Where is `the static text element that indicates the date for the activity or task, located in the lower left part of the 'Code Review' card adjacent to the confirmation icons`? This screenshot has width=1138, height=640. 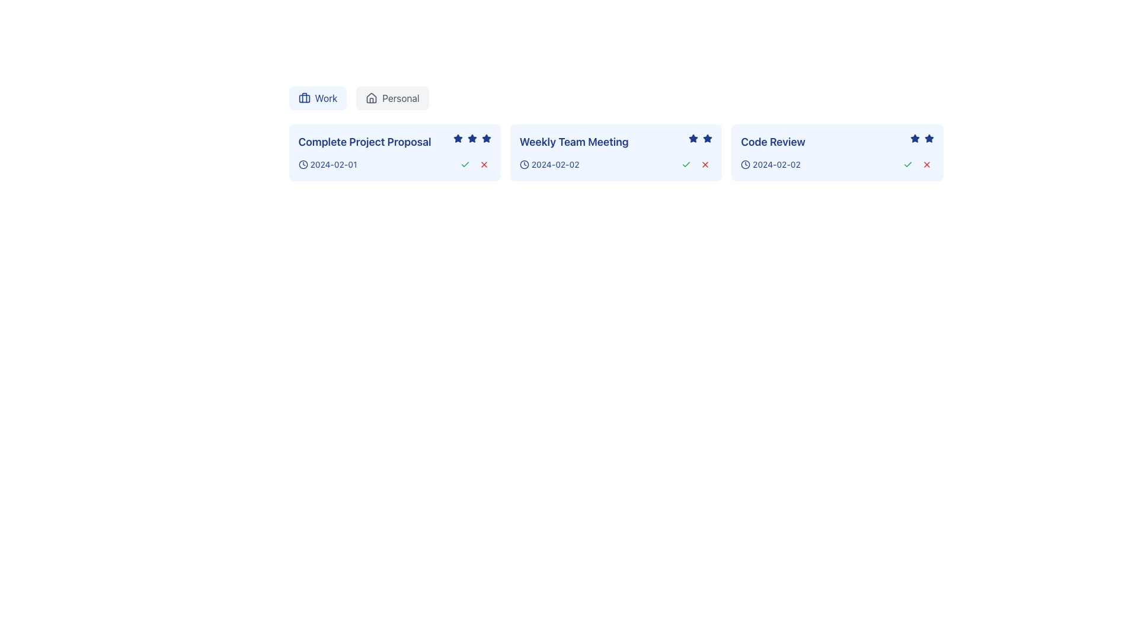
the static text element that indicates the date for the activity or task, located in the lower left part of the 'Code Review' card adjacent to the confirmation icons is located at coordinates (771, 164).